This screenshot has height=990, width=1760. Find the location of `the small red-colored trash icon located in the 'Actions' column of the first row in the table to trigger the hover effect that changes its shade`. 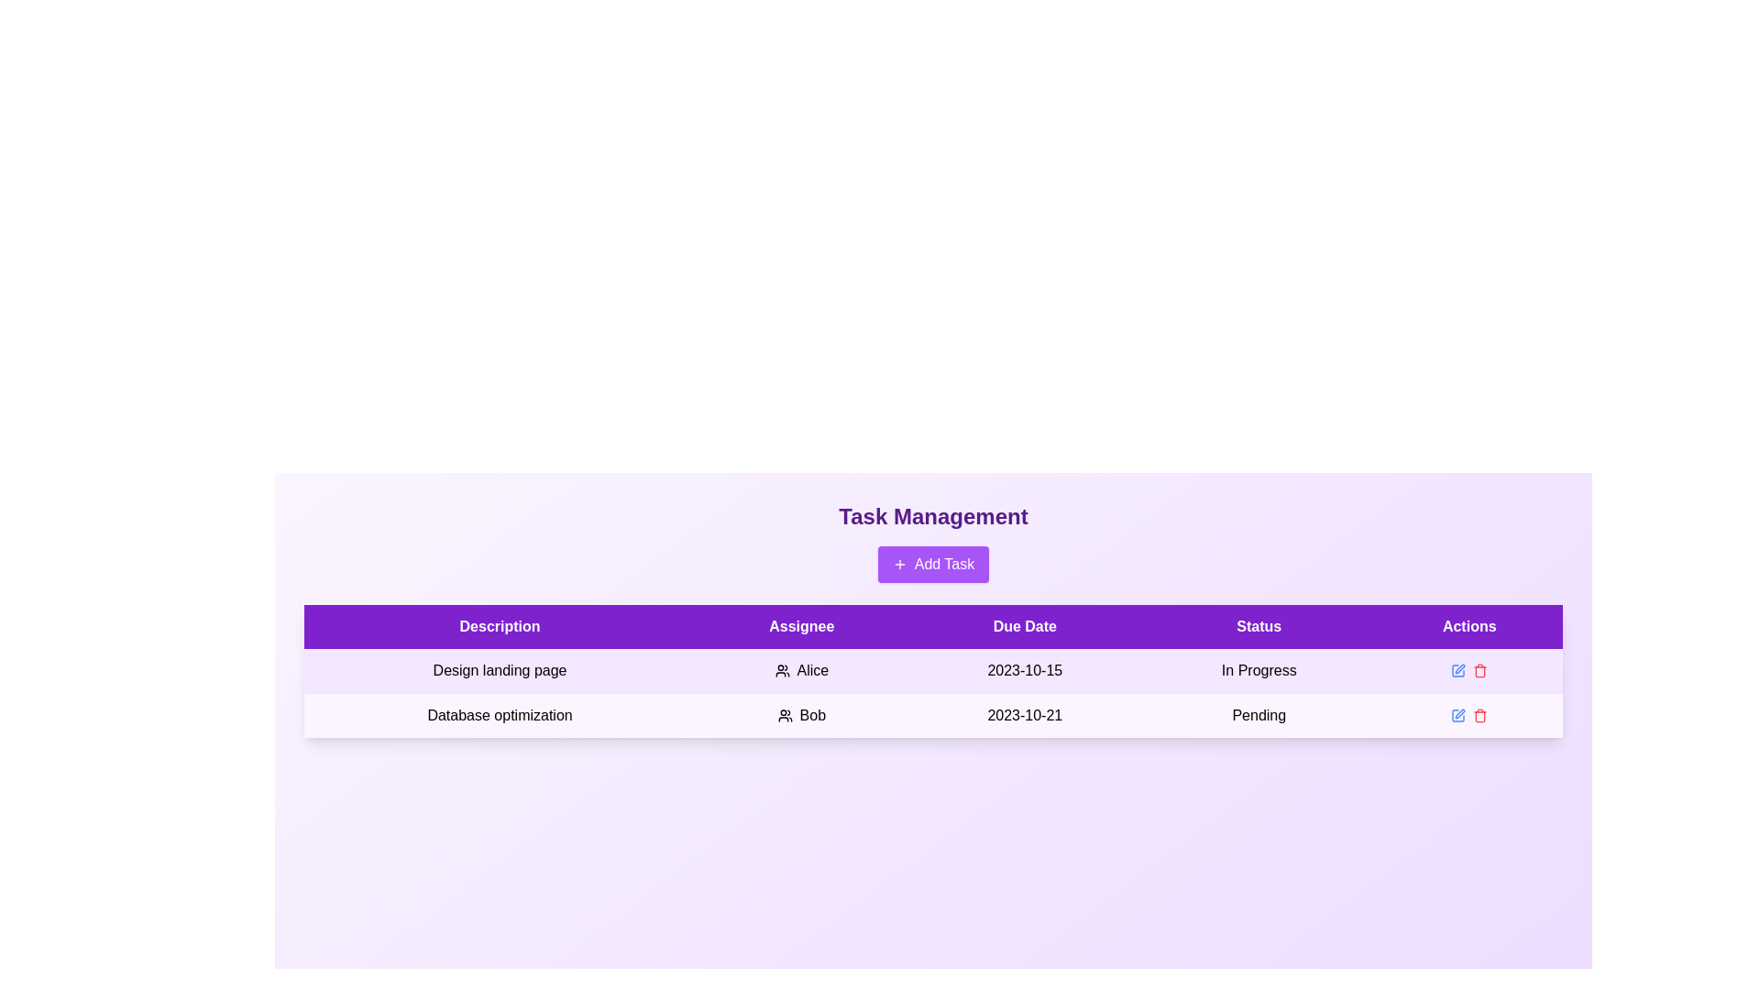

the small red-colored trash icon located in the 'Actions' column of the first row in the table to trigger the hover effect that changes its shade is located at coordinates (1480, 671).